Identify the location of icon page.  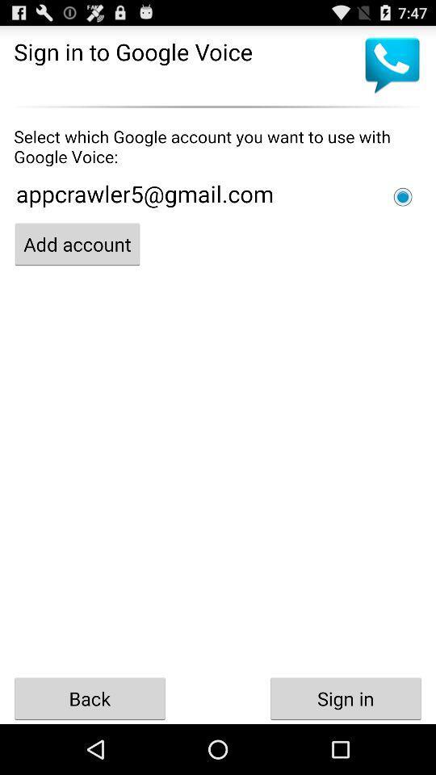
(402, 196).